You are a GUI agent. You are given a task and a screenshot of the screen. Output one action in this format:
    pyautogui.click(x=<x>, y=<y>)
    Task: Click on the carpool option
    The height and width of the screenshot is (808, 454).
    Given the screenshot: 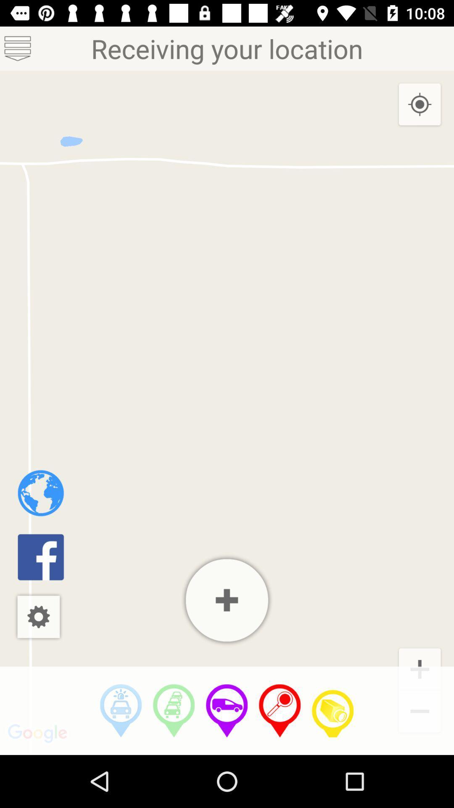 What is the action you would take?
    pyautogui.click(x=173, y=710)
    